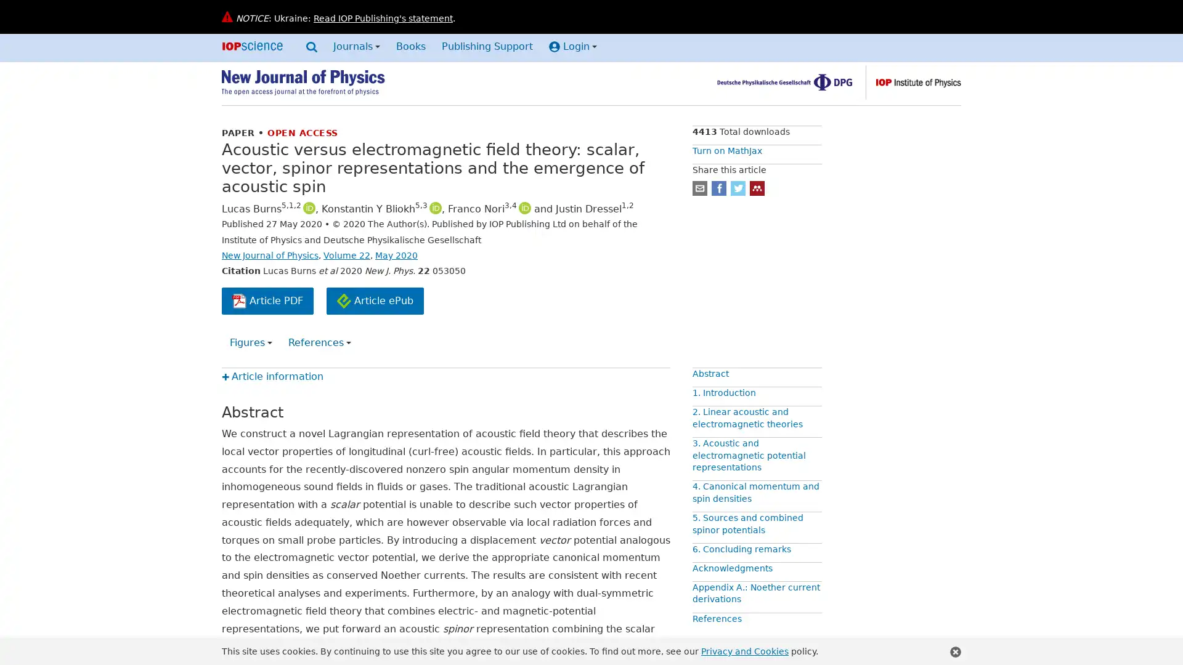  Describe the element at coordinates (908, 84) in the screenshot. I see `The Institute of Physics, find out more` at that location.